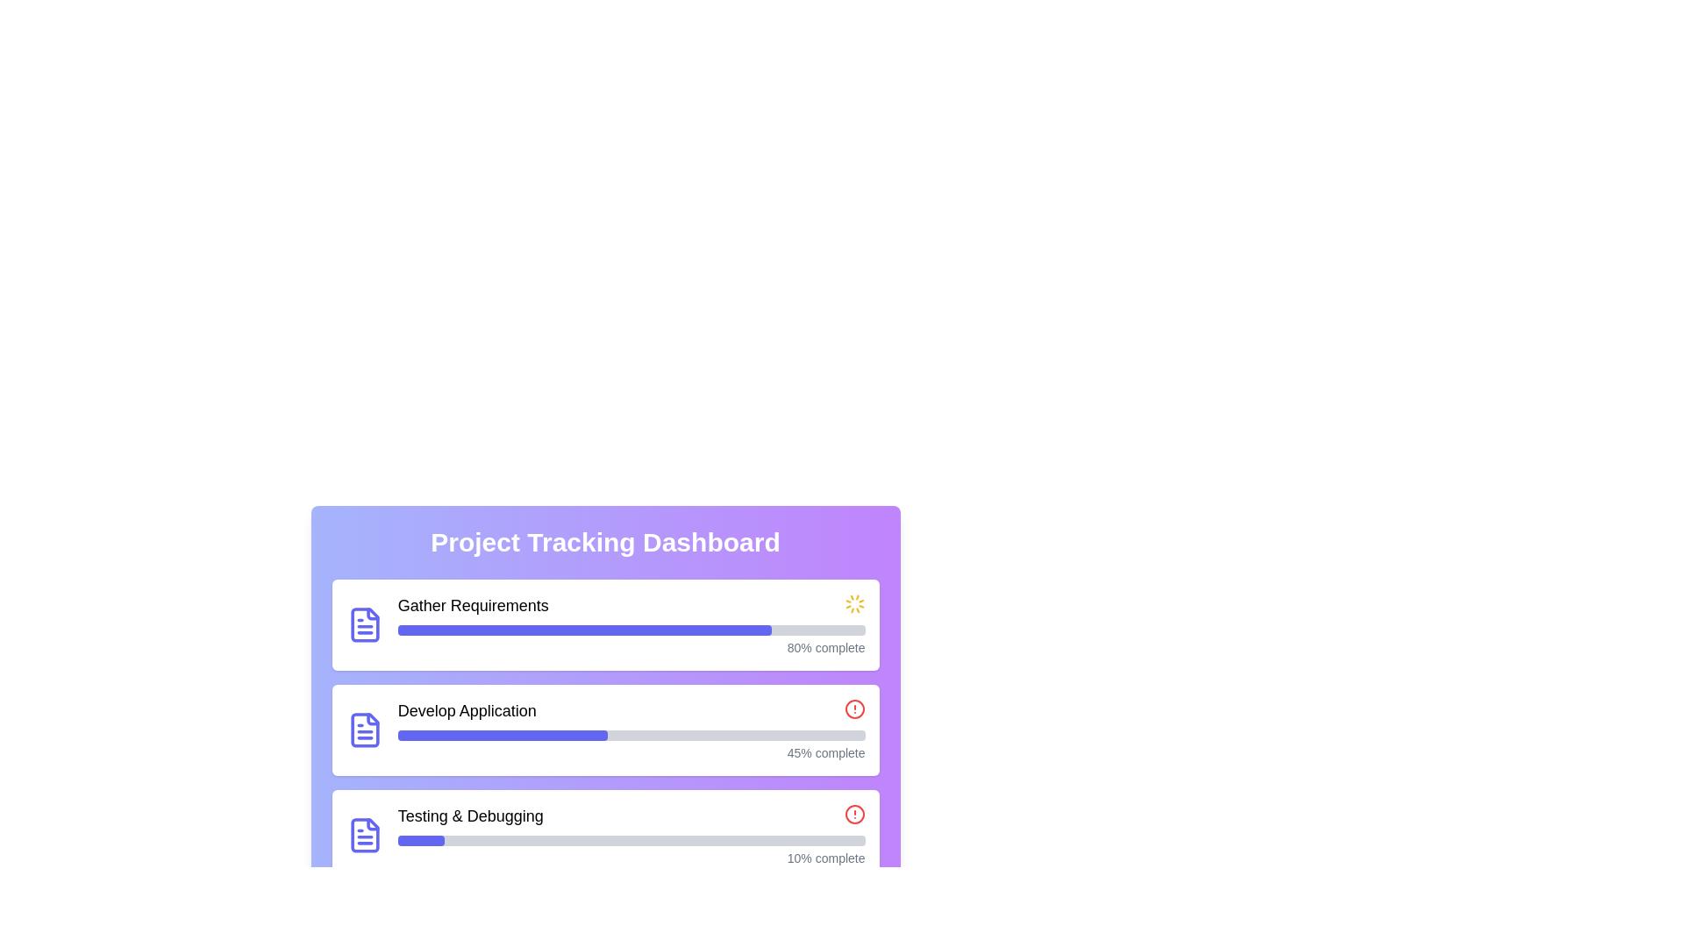 The image size is (1684, 947). Describe the element at coordinates (605, 624) in the screenshot. I see `the text label 'Gather Requirements' within the progress card that shows 80% completion in a vertically stacked list on the 'Project Tracking Dashboard'` at that location.